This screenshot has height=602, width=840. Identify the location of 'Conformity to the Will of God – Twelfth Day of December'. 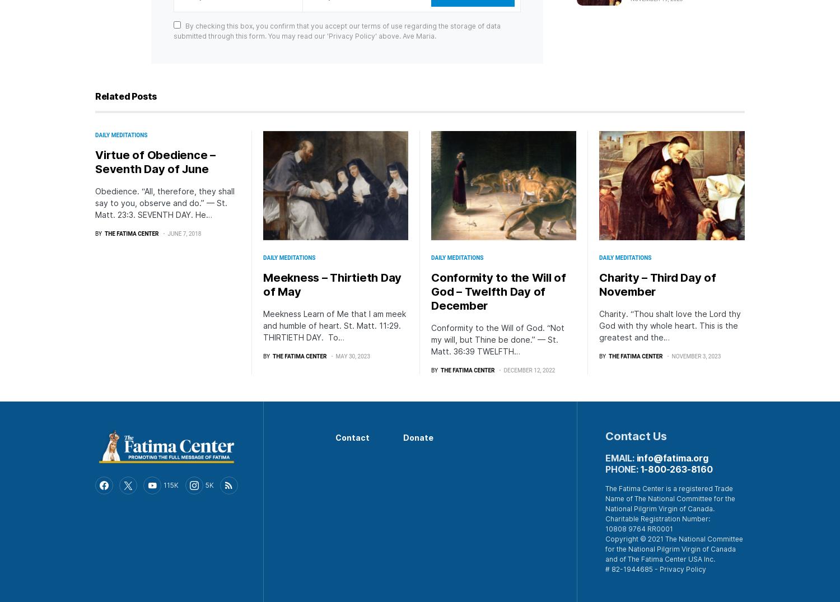
(498, 290).